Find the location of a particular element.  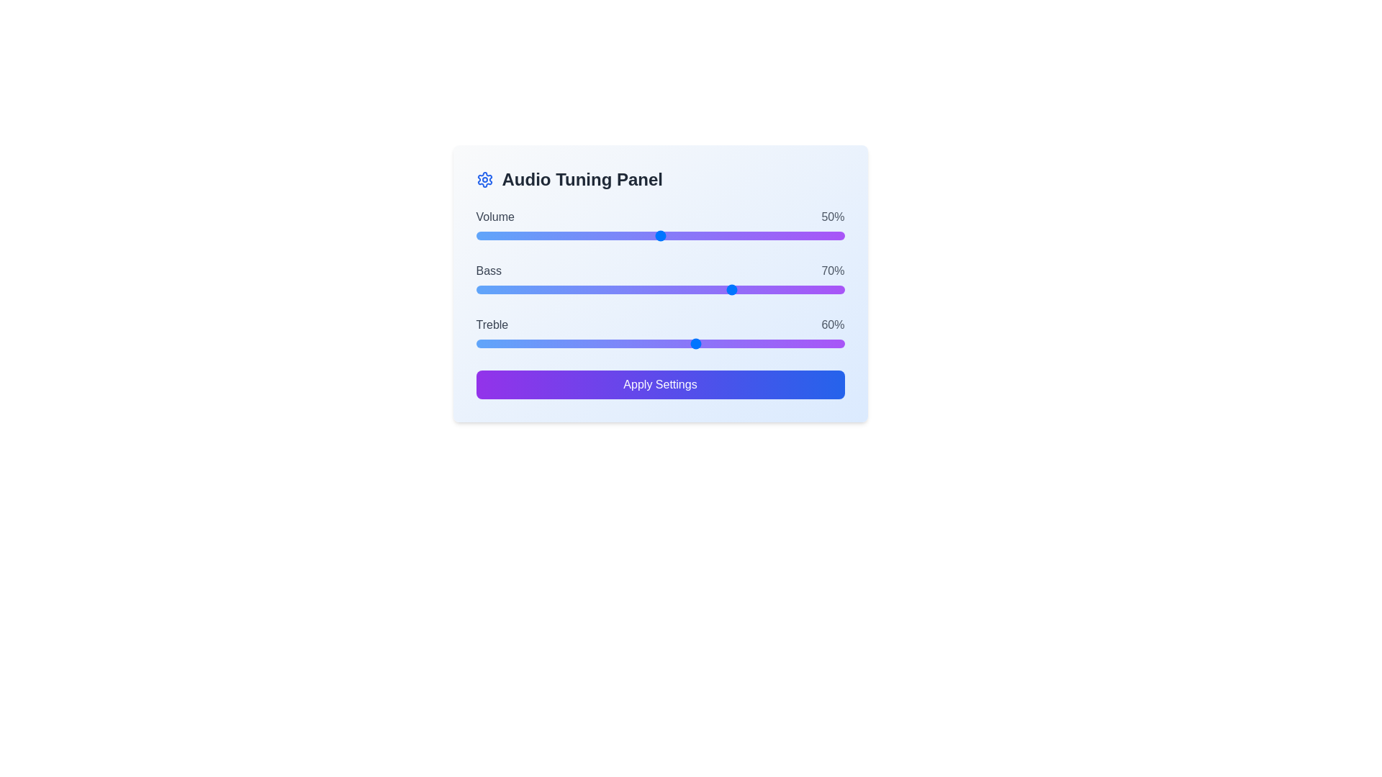

the Label displaying 'Treble' with a numeric value of '60%' located in the 'Audio Tuning Panel', positioned under the 'Bass' slider and above the 'Treble' slider is located at coordinates (659, 324).